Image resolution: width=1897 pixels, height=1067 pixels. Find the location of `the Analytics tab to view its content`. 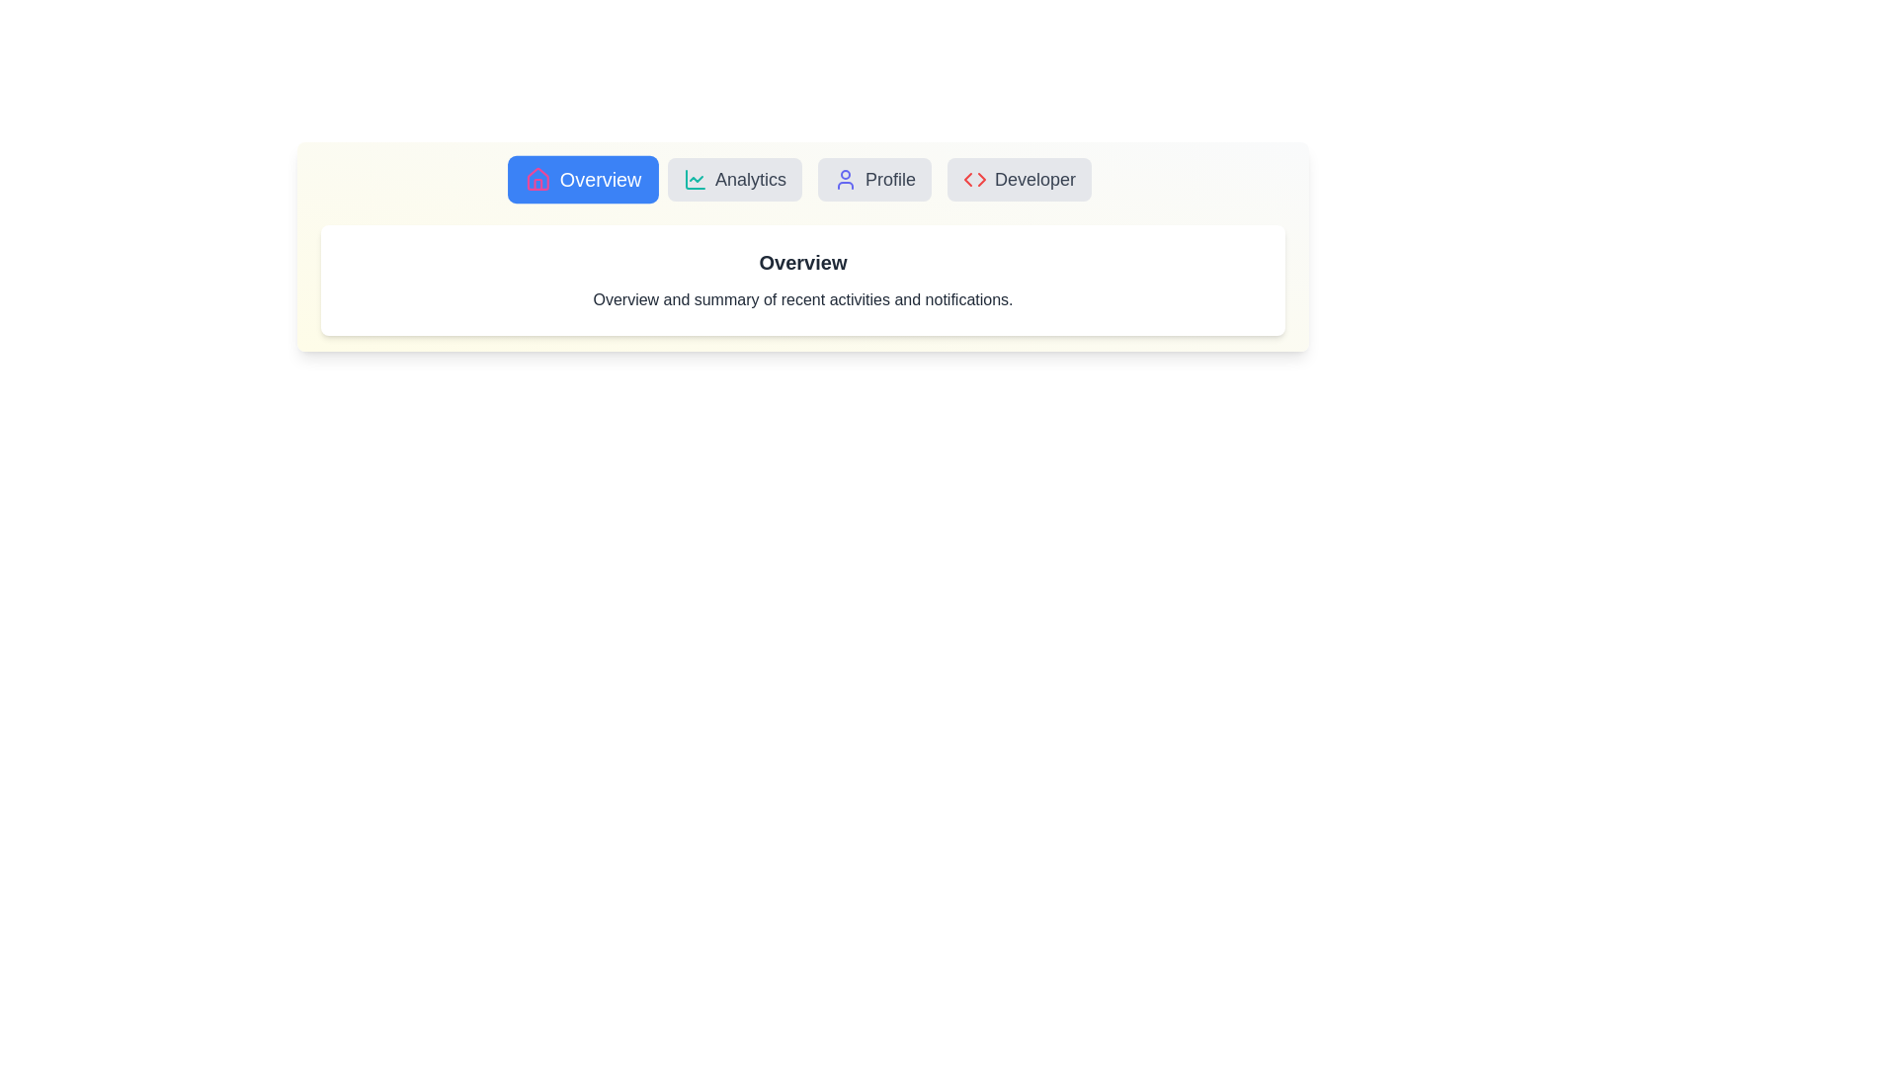

the Analytics tab to view its content is located at coordinates (734, 179).